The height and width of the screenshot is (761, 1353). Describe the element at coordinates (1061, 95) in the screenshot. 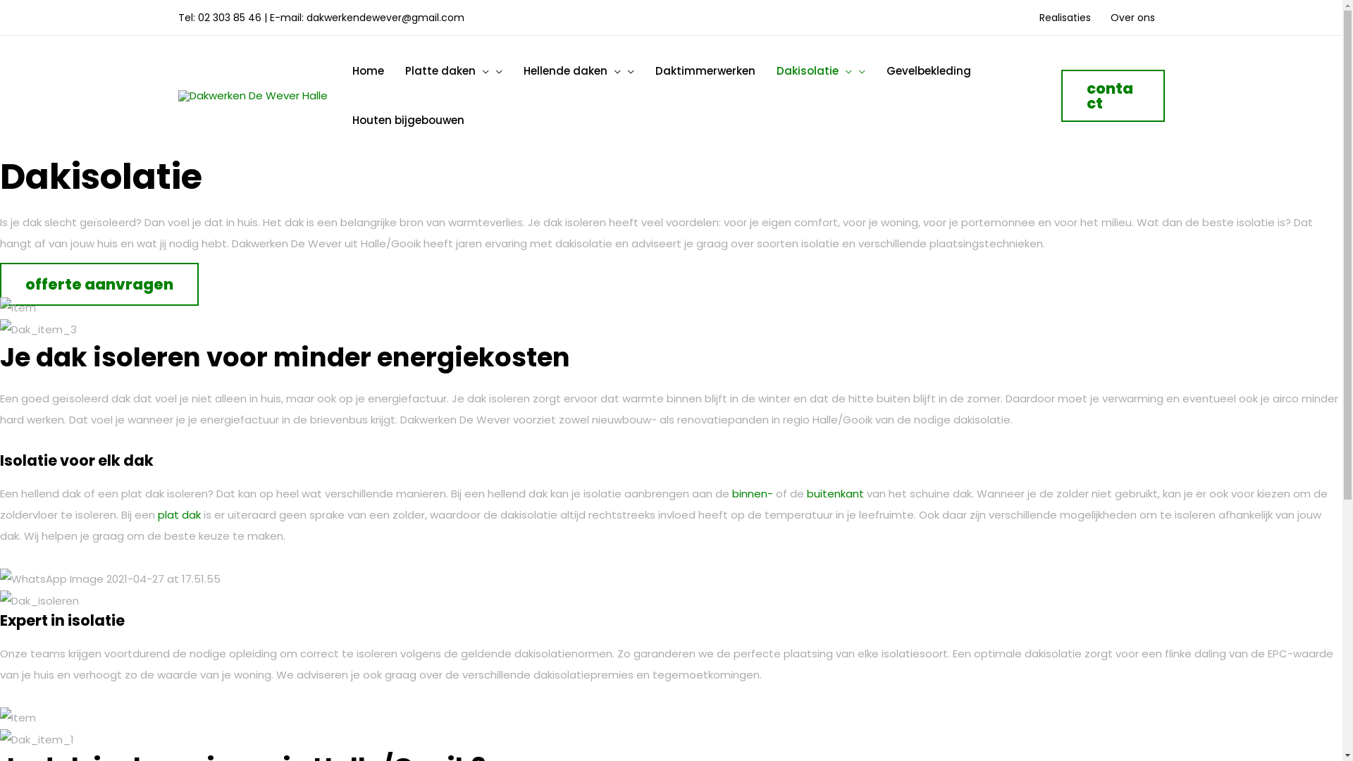

I see `'contact'` at that location.